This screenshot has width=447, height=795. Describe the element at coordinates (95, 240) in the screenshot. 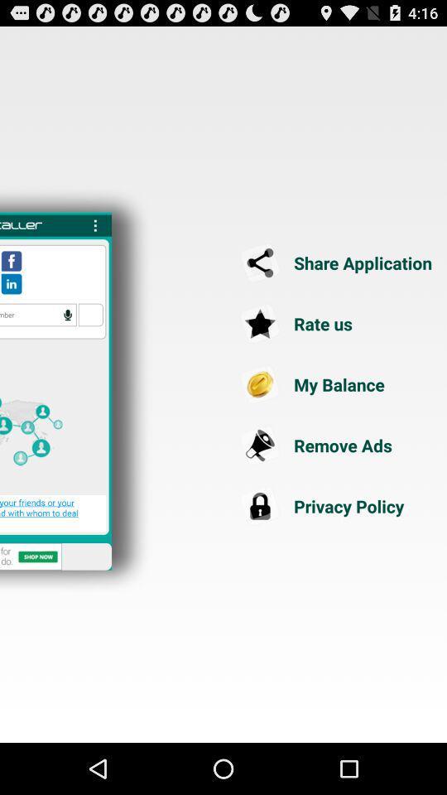

I see `the more icon` at that location.